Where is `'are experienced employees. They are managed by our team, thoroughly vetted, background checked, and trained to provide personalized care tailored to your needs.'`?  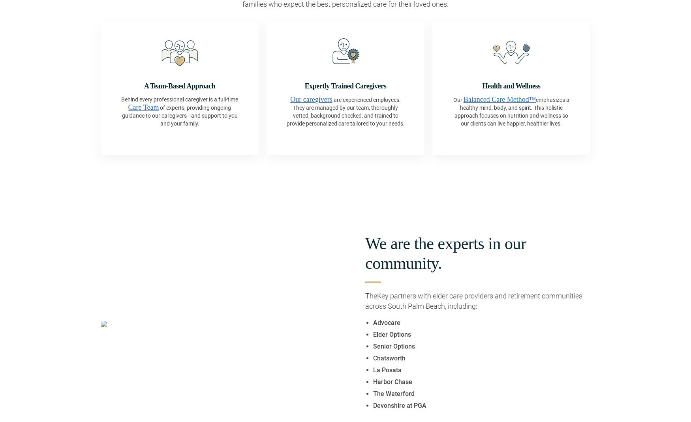
'are experienced employees. They are managed by our team, thoroughly vetted, background checked, and trained to provide personalized care tailored to your needs.' is located at coordinates (345, 111).